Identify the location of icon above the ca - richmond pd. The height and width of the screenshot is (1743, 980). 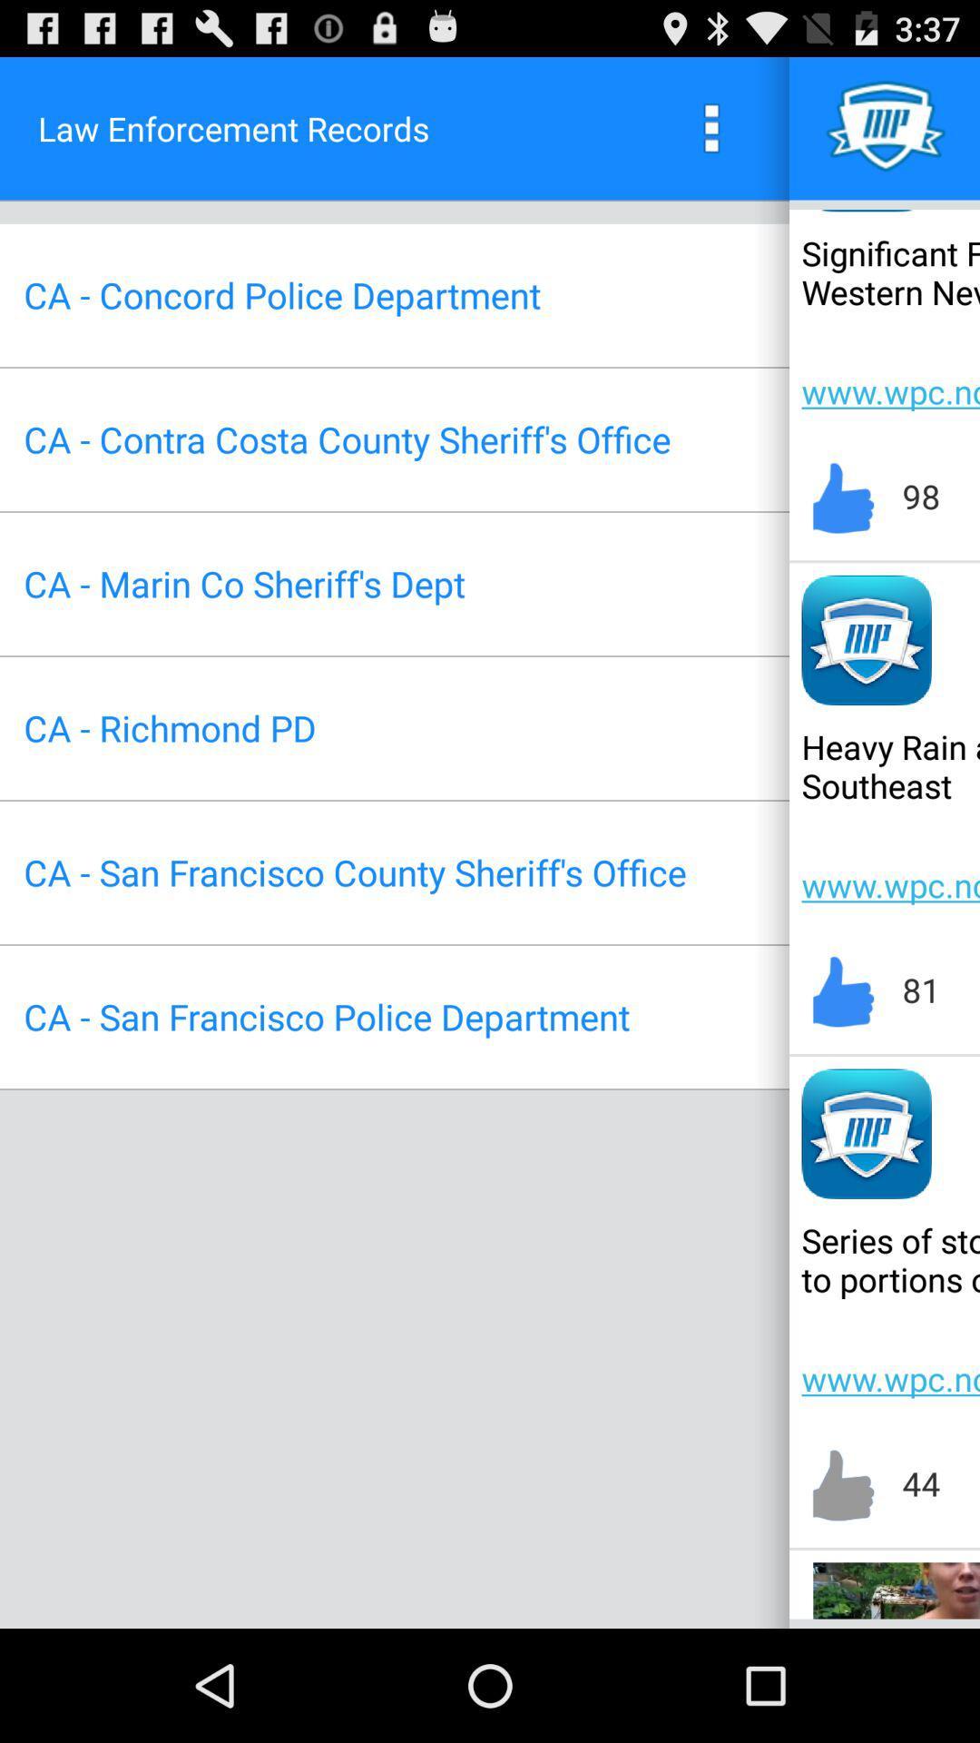
(243, 584).